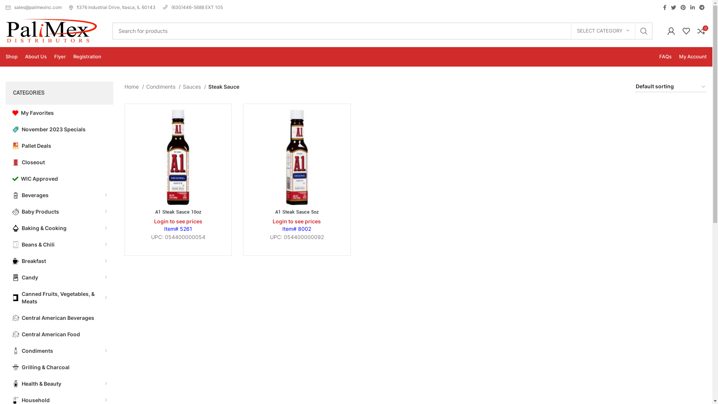  I want to click on 'price-tag-svgrepo-com', so click(16, 129).